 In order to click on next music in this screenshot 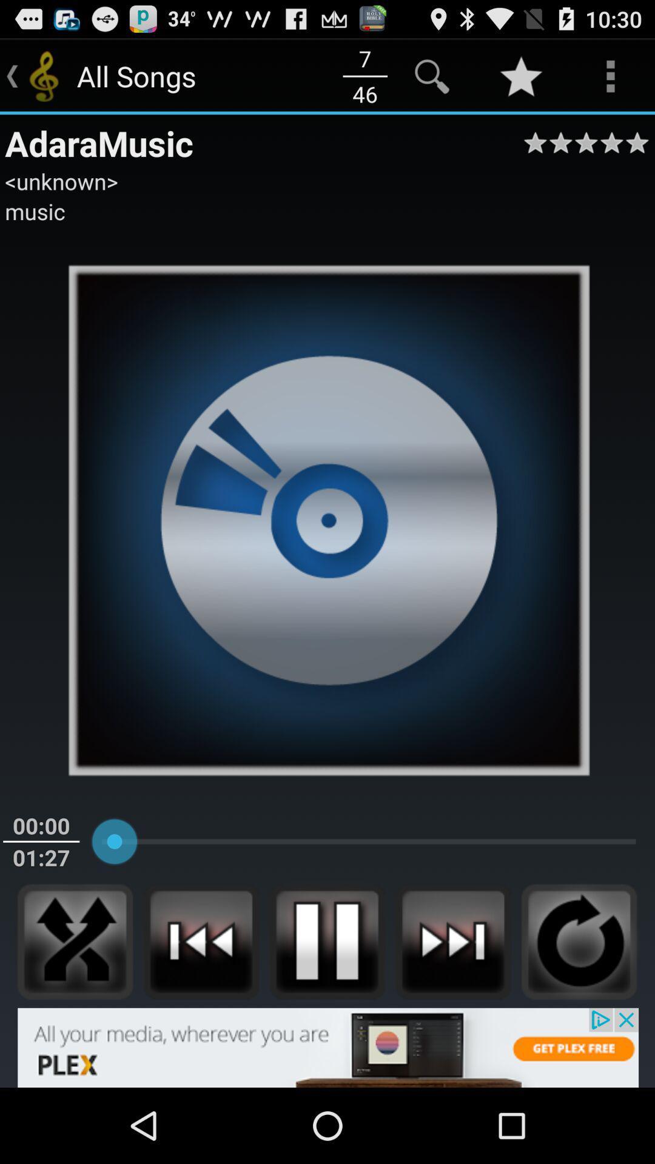, I will do `click(453, 941)`.